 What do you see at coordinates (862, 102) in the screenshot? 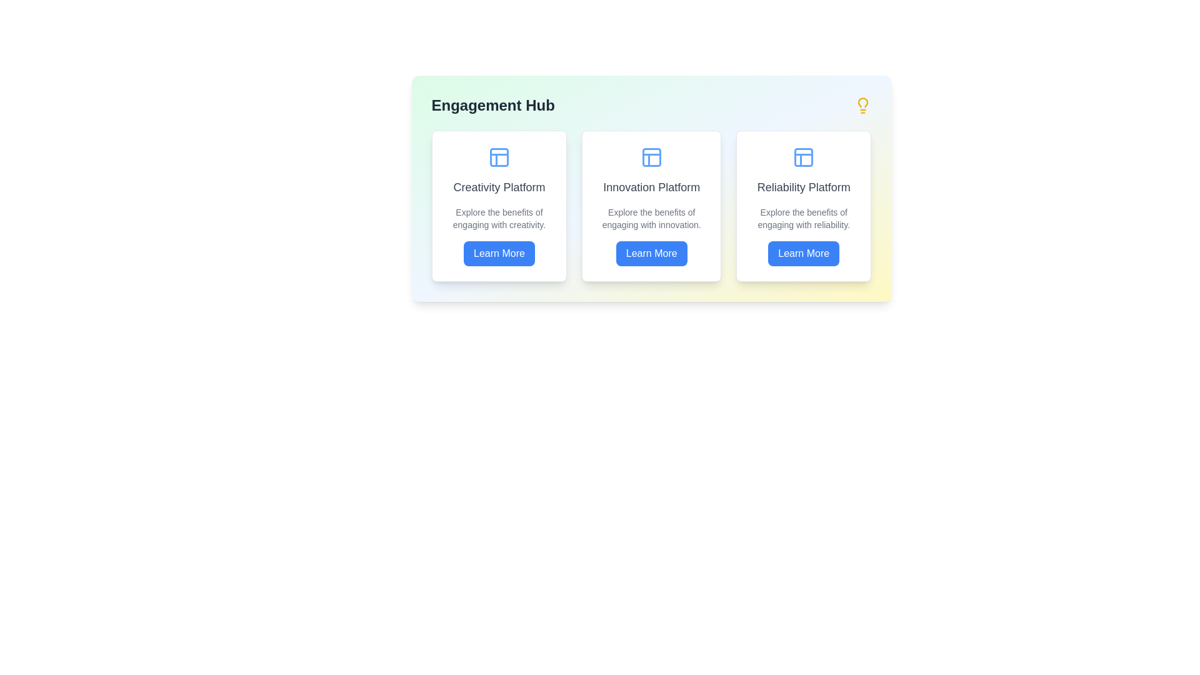
I see `the lit-up portion of the light bulb icon in the SVG component, which signifies illumination and is positioned at the top right corner of the interface above the 'Reliability Platform' card` at bounding box center [862, 102].